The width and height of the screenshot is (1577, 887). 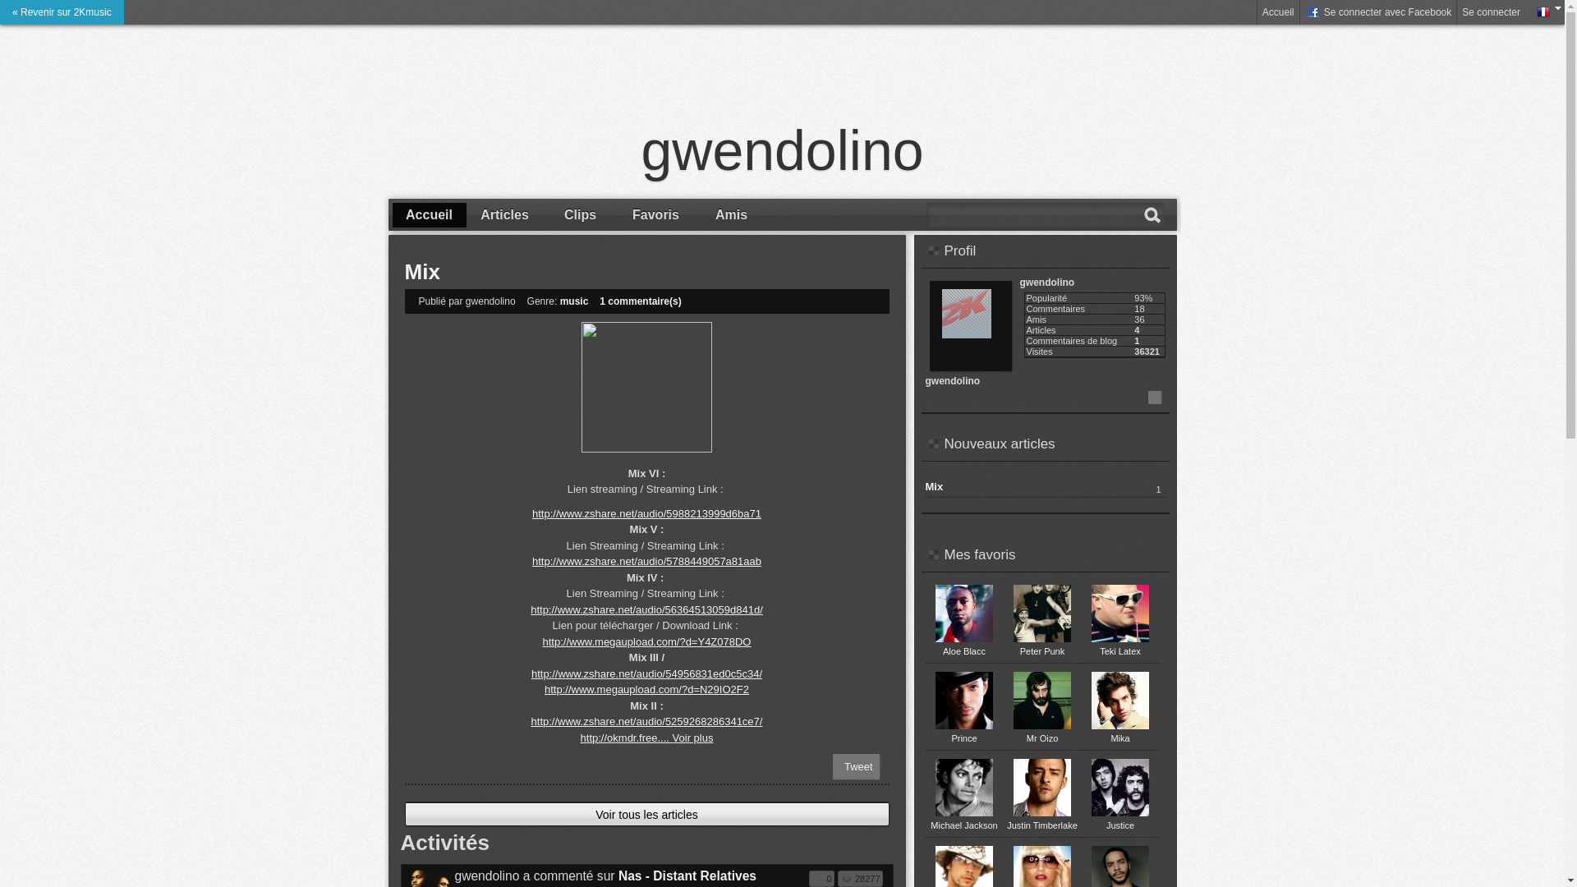 I want to click on 'http://www.zshare.net/audio/54956831ed0c5c34/', so click(x=646, y=673).